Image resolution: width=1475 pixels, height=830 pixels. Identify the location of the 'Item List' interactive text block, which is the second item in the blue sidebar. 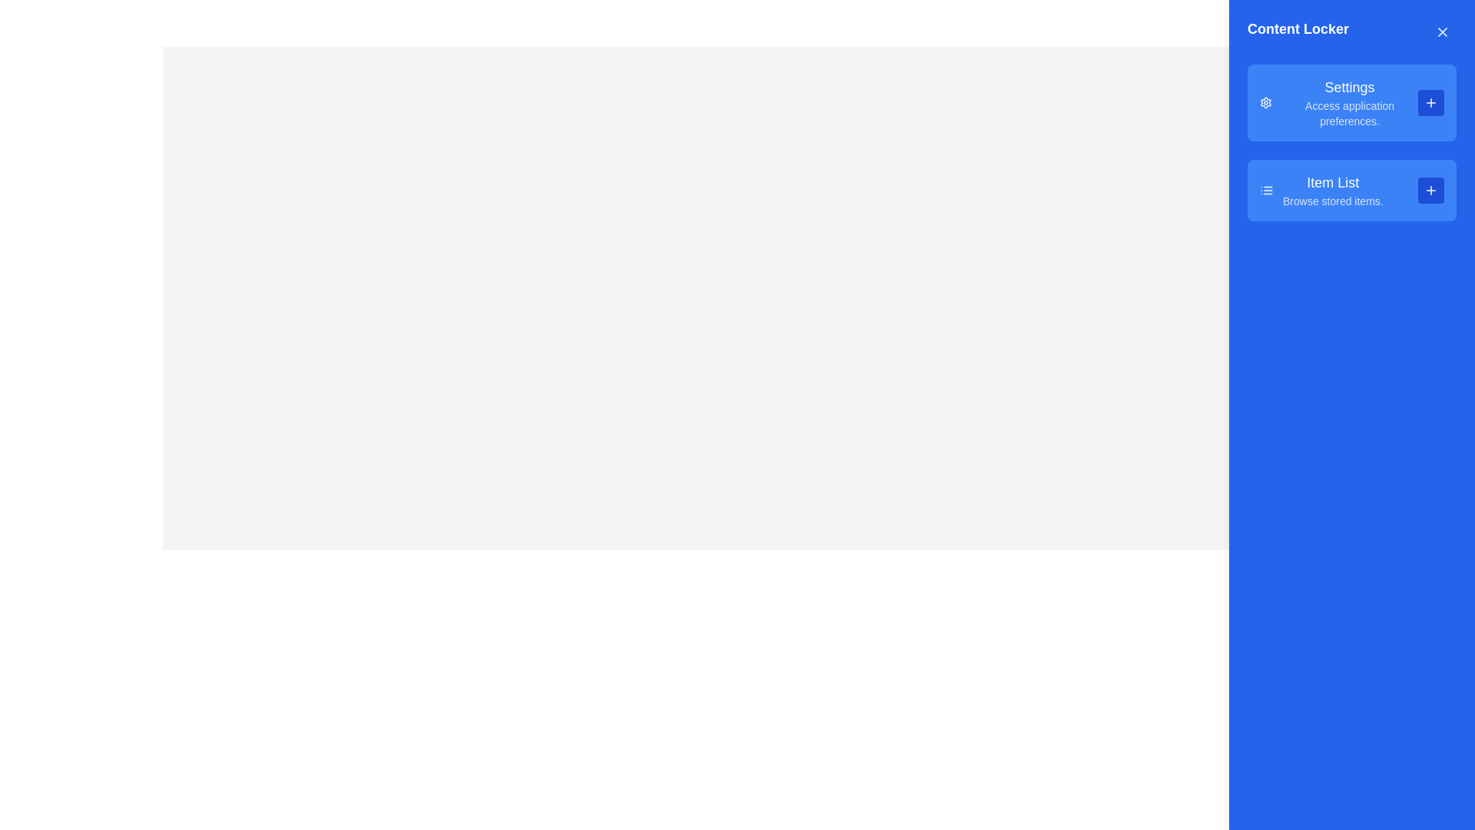
(1332, 189).